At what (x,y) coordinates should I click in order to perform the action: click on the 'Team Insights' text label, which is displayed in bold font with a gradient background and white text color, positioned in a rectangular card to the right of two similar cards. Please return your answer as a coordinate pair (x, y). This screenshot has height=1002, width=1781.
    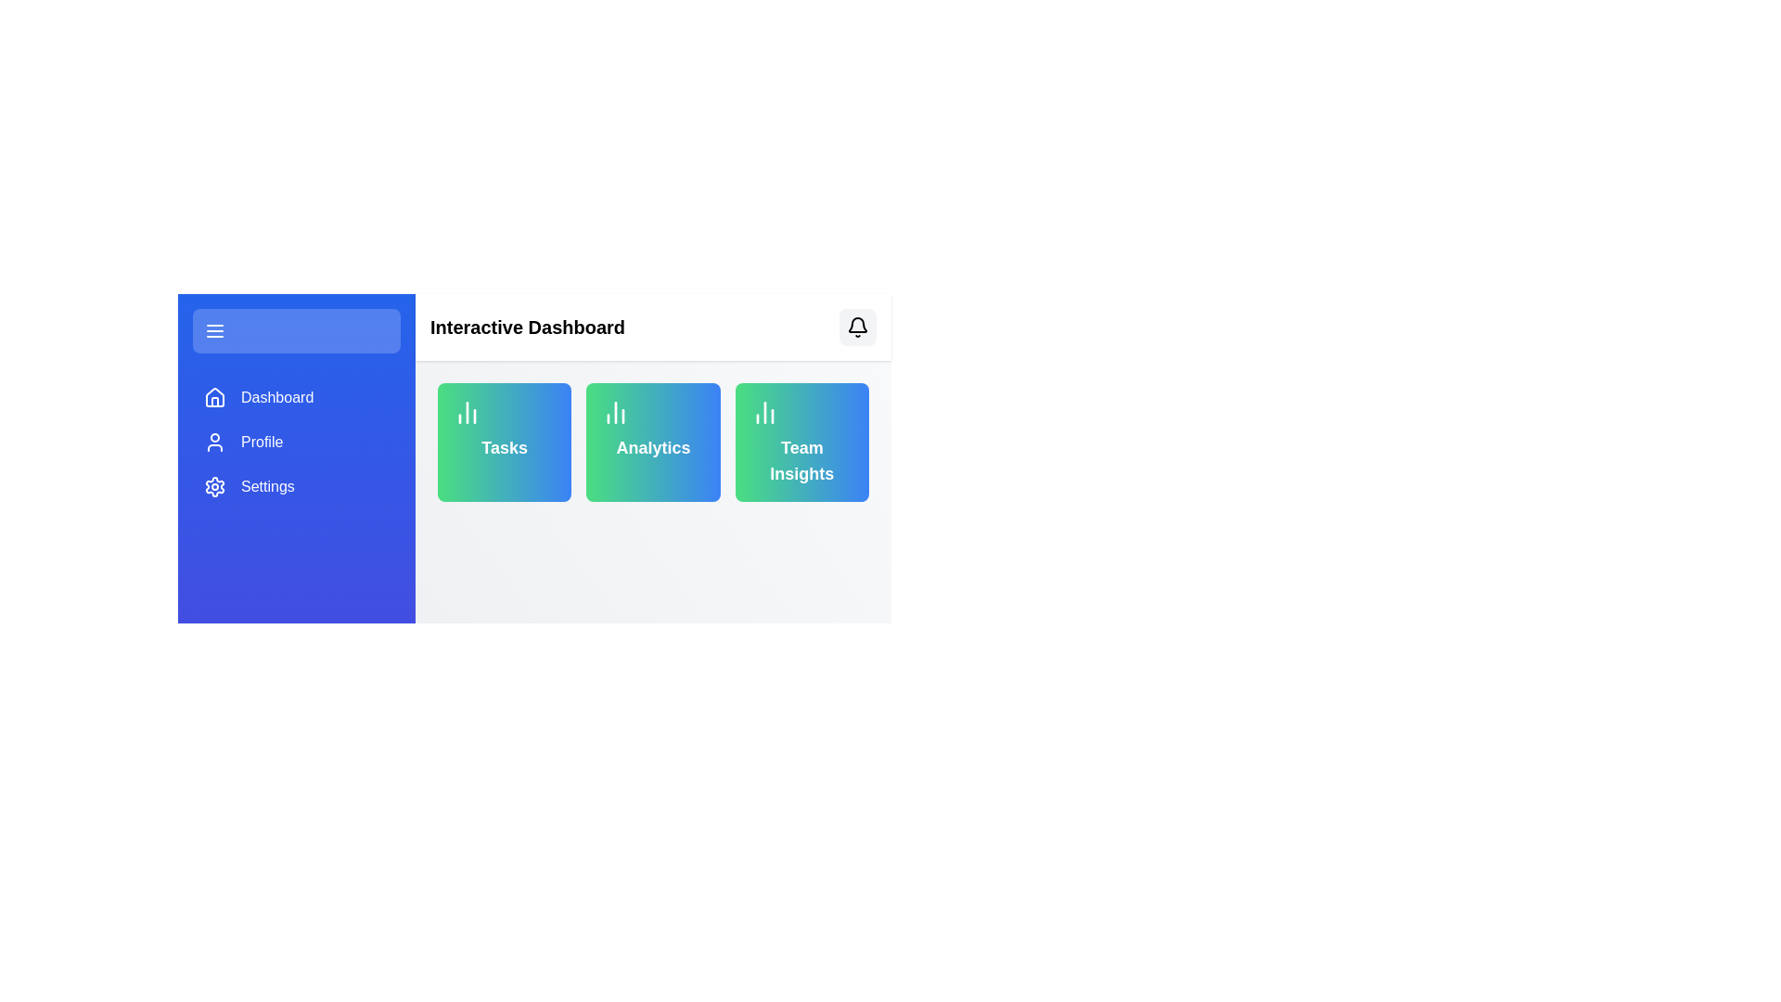
    Looking at the image, I should click on (801, 460).